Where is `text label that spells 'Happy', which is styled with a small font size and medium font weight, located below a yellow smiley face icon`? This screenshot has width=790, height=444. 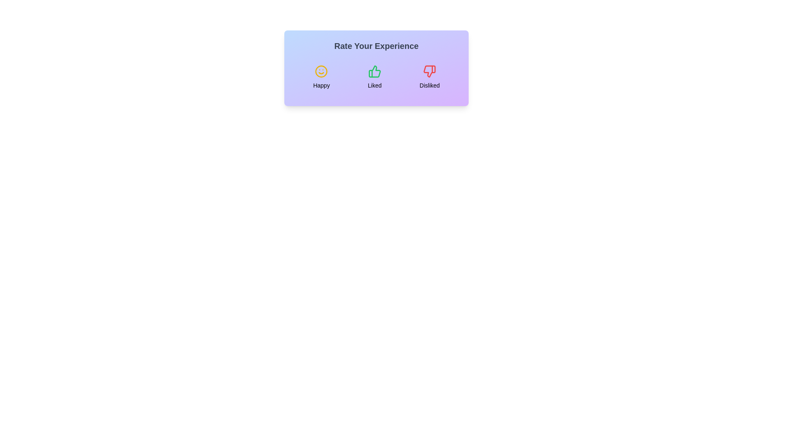 text label that spells 'Happy', which is styled with a small font size and medium font weight, located below a yellow smiley face icon is located at coordinates (321, 86).